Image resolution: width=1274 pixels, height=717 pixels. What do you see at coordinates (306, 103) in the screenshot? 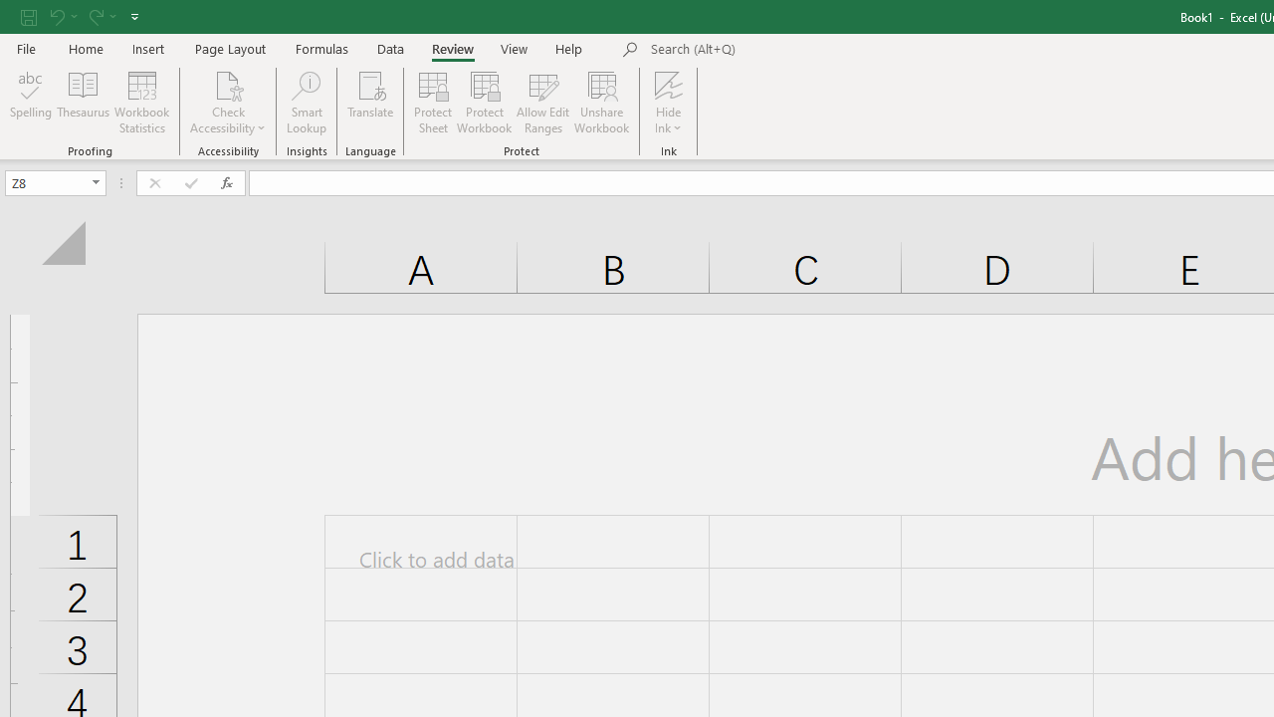
I see `'Smart Lookup'` at bounding box center [306, 103].